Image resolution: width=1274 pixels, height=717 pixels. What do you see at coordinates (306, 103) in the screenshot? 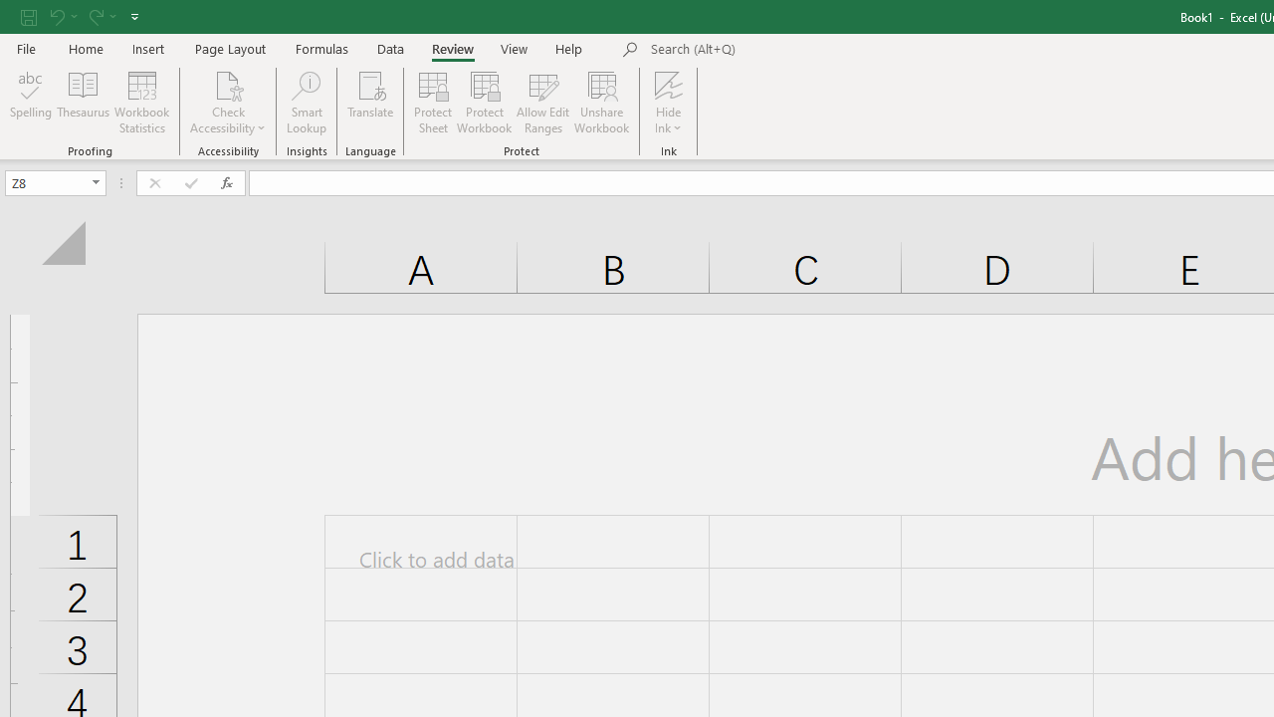
I see `'Smart Lookup'` at bounding box center [306, 103].